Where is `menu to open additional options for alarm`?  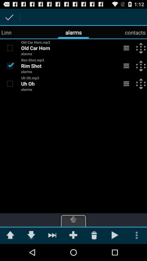
menu to open additional options for alarm is located at coordinates (126, 83).